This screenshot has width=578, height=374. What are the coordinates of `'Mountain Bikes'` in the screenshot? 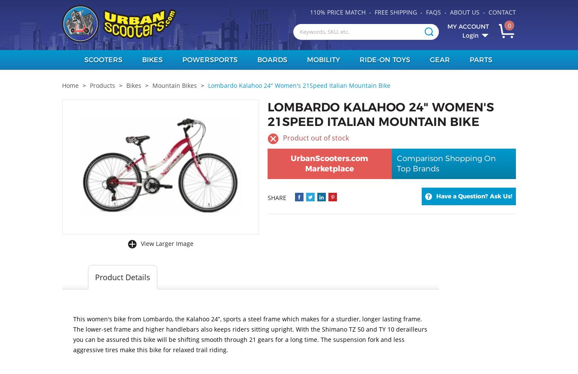 It's located at (152, 85).